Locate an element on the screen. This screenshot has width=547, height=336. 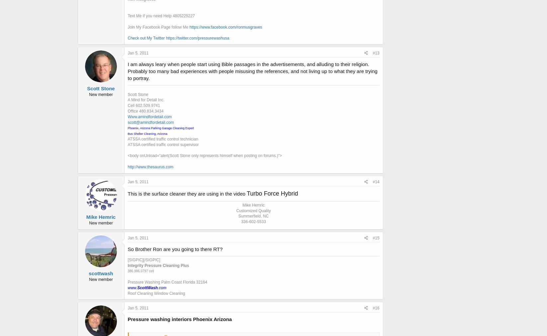
'[SIGPIC][/SIGPIC]' is located at coordinates (143, 259).